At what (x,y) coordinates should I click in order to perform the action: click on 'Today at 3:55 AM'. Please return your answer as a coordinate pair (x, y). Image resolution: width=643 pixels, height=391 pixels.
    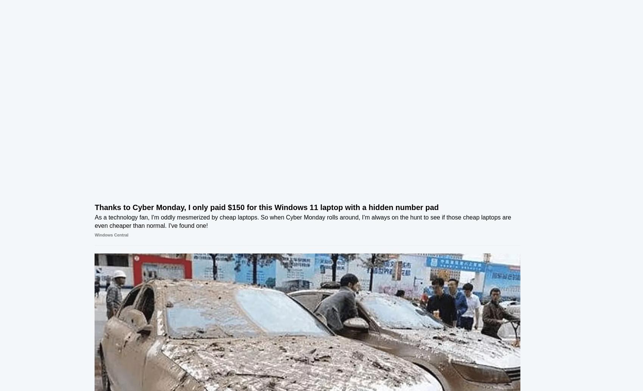
    Looking at the image, I should click on (496, 244).